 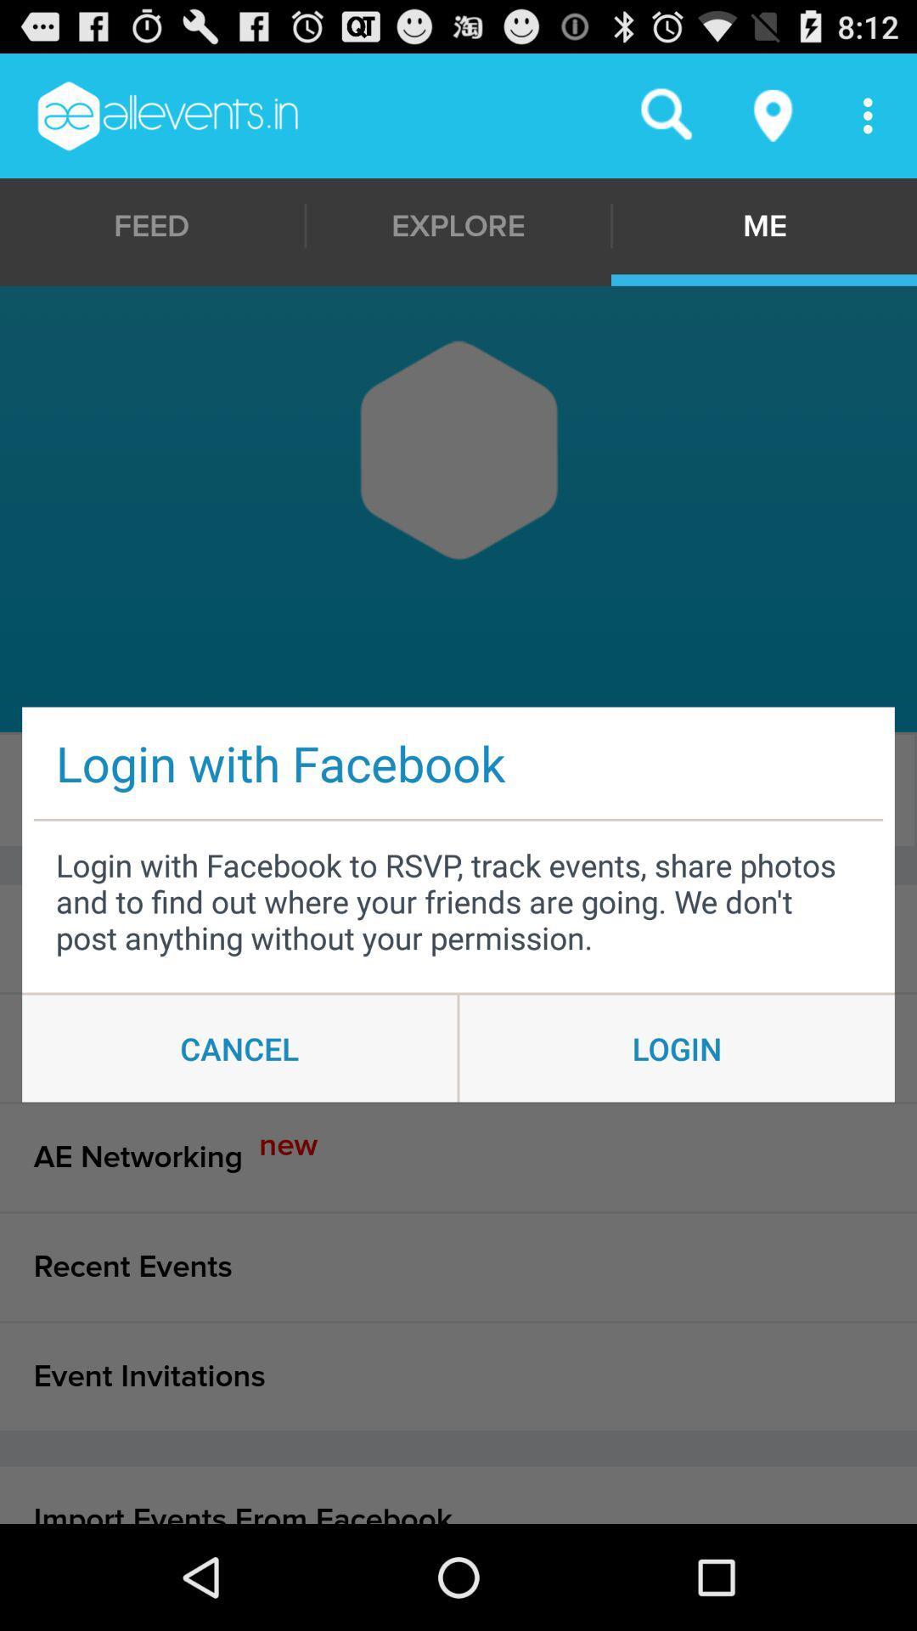 What do you see at coordinates (453, 789) in the screenshot?
I see `the item next to events icon` at bounding box center [453, 789].